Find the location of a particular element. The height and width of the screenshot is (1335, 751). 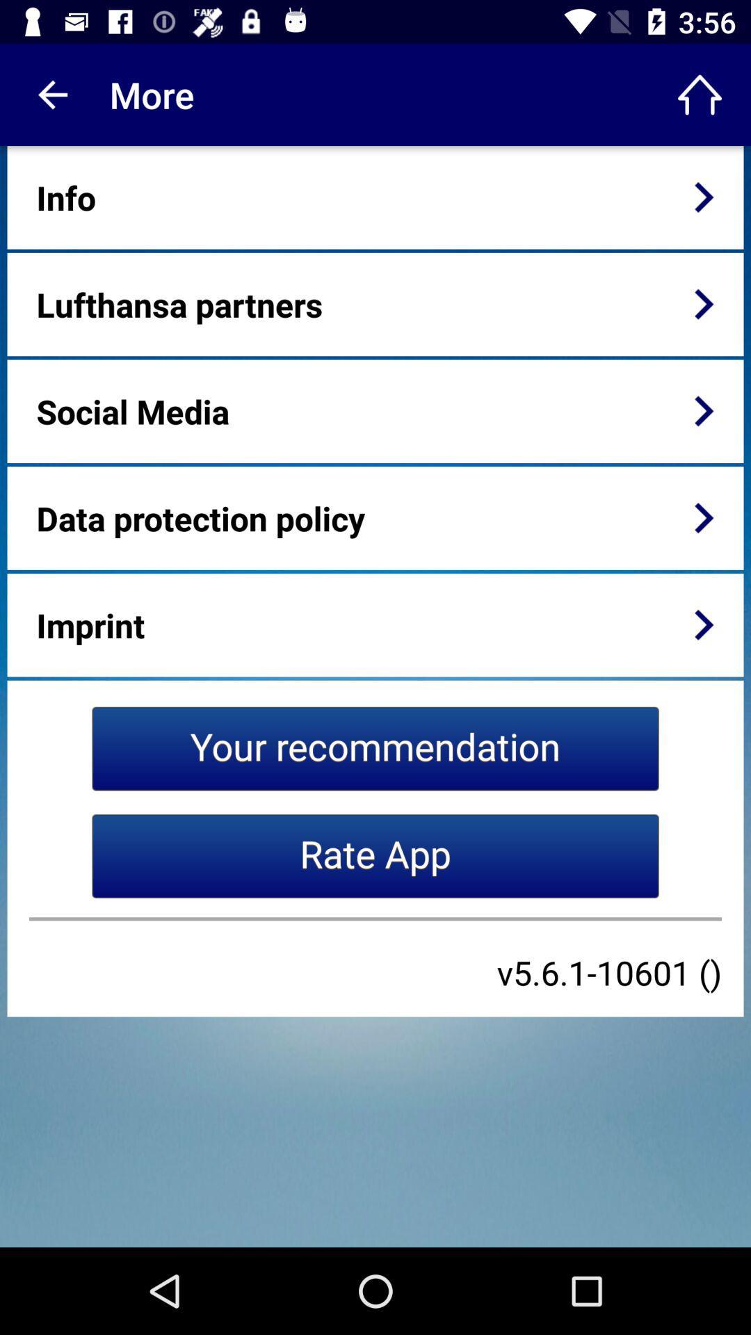

icon next to the info item is located at coordinates (704, 196).